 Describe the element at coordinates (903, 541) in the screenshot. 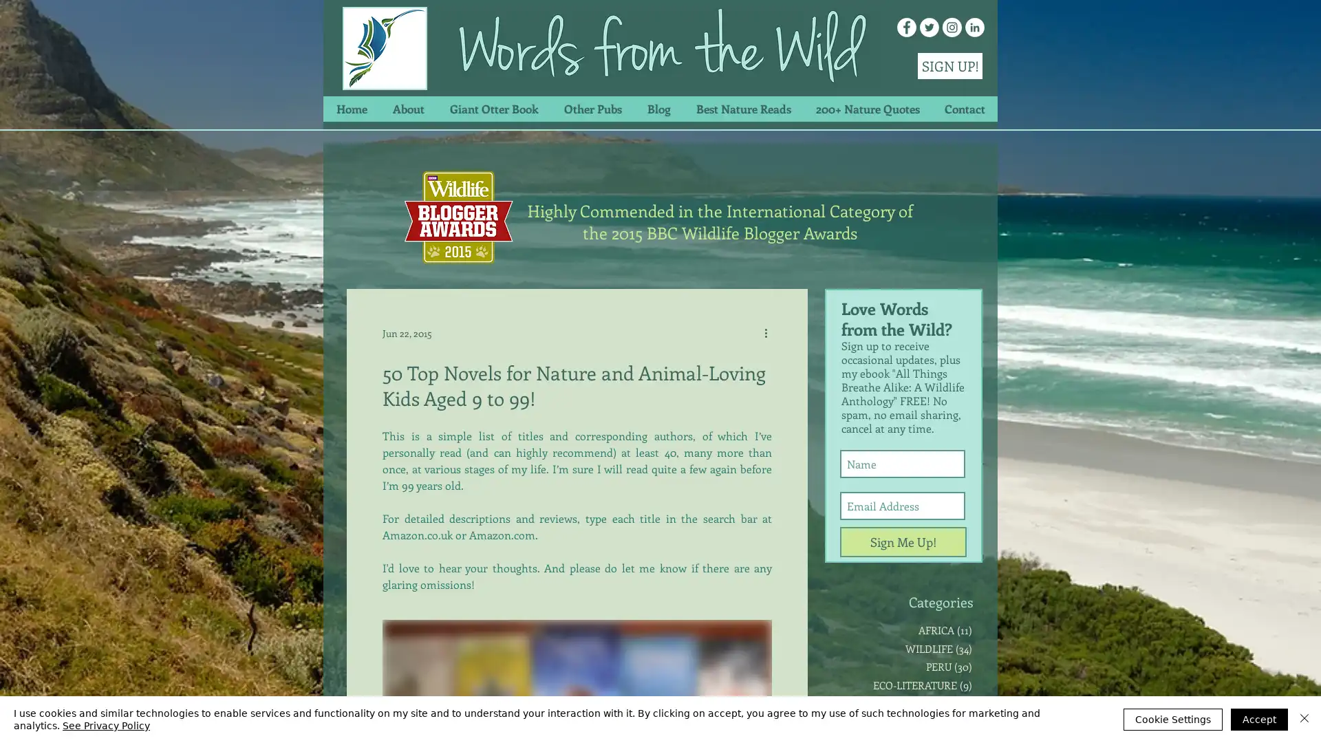

I see `Sign Me Up!` at that location.